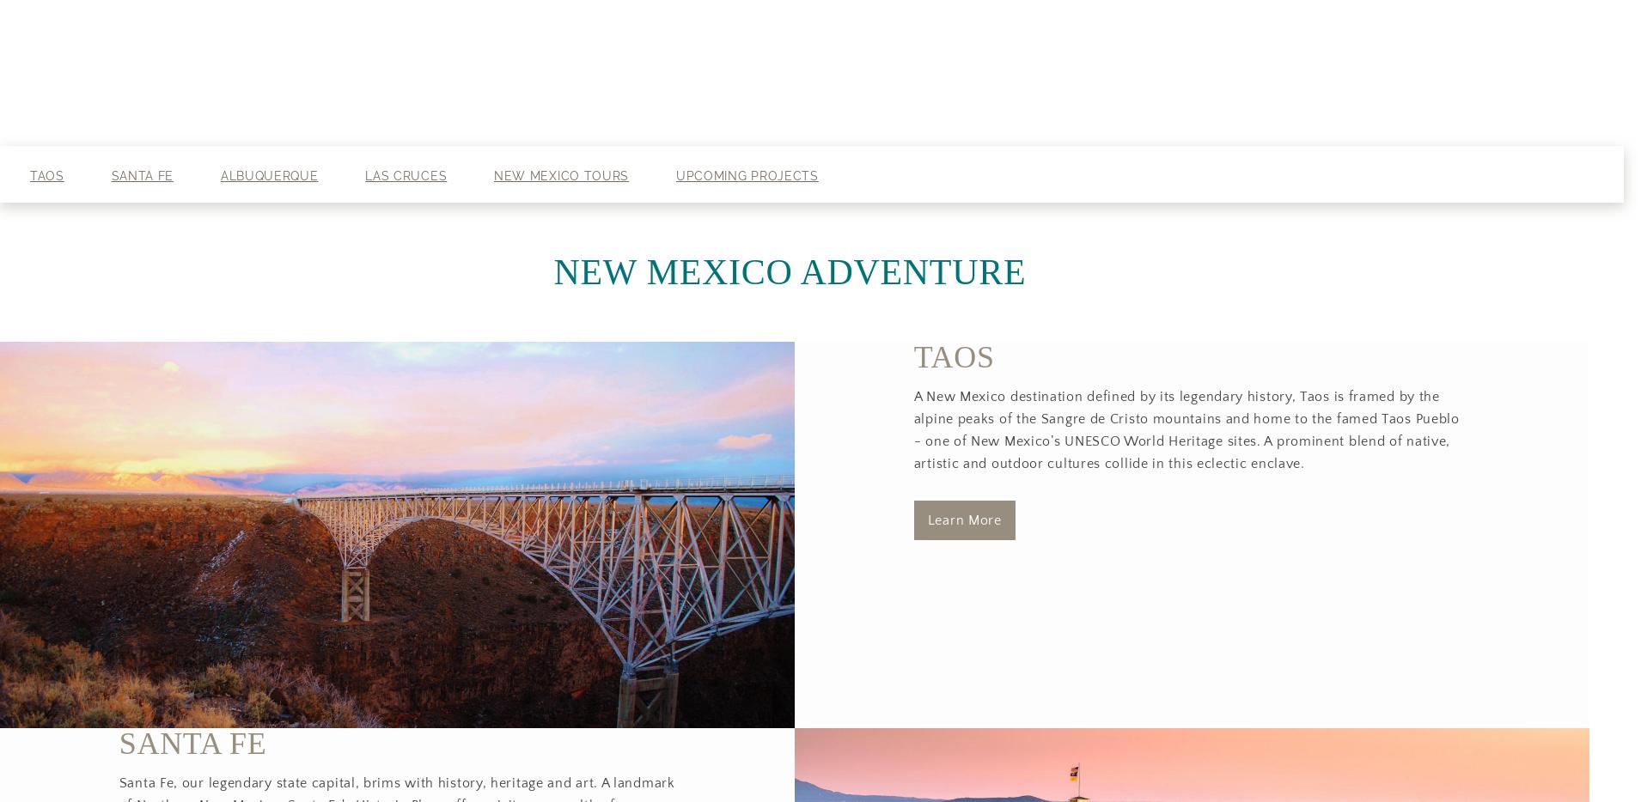 This screenshot has width=1641, height=802. What do you see at coordinates (46, 175) in the screenshot?
I see `'Taos'` at bounding box center [46, 175].